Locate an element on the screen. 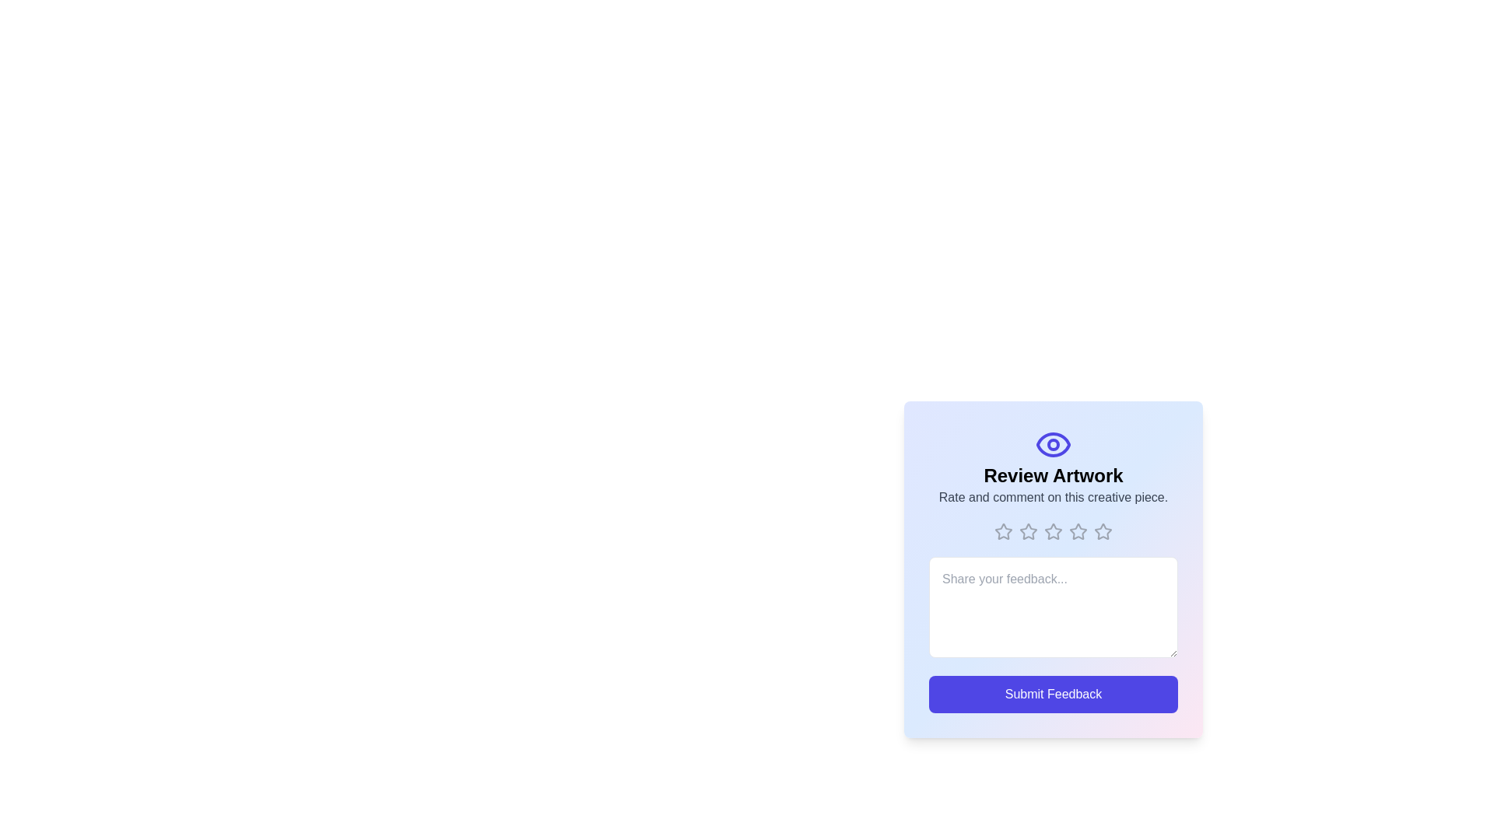 The height and width of the screenshot is (840, 1494). the 'Submit Feedback' button to submit the feedback is located at coordinates (1053, 694).